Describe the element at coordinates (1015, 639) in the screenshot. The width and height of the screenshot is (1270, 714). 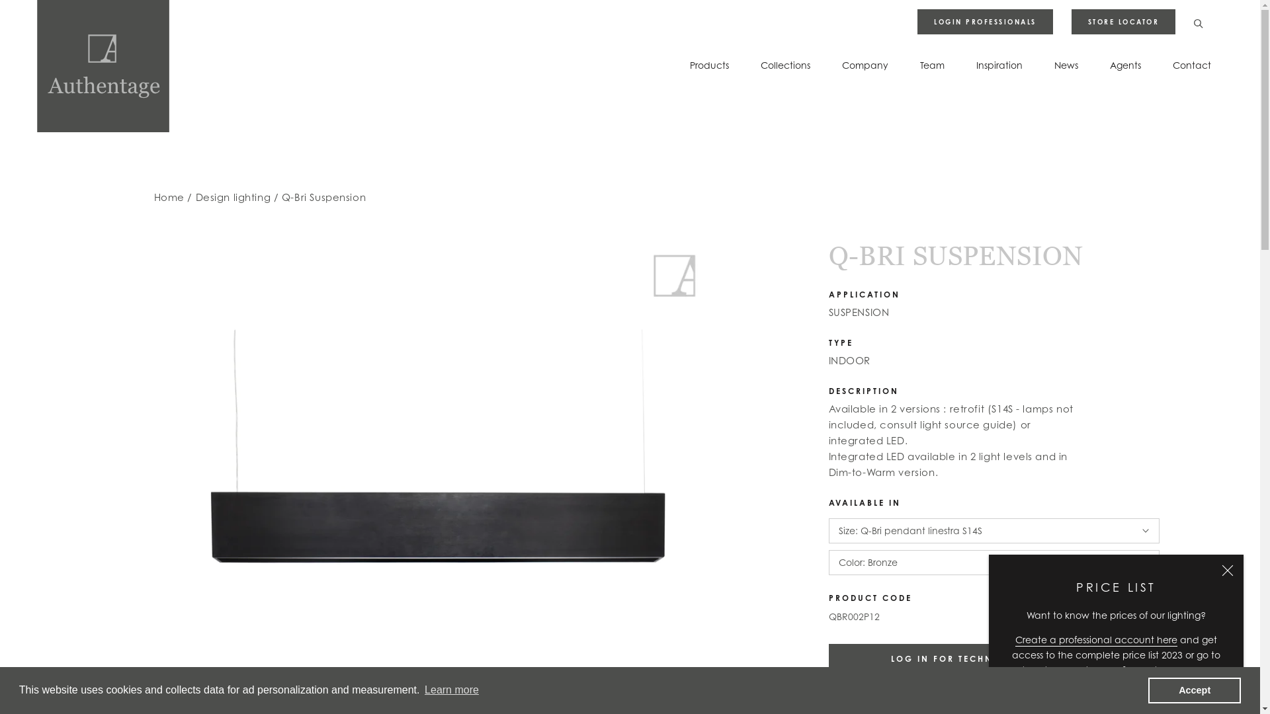
I see `'Create a professional account here'` at that location.